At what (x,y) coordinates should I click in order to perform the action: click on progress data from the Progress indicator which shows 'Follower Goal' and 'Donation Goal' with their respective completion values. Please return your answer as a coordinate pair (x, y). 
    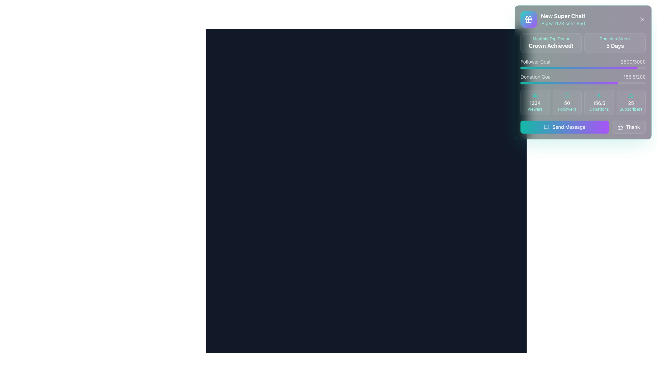
    Looking at the image, I should click on (583, 71).